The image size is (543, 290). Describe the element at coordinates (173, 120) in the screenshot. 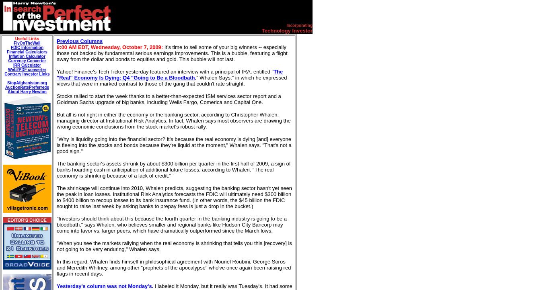

I see `'But all is not 
  right in either the economy or the banking sector, according to Christopher 
  Whalen, managing director at Institutional Risk Analytics. In fact, Whalen says 
  most observers are drawing the wrong economic conclusions from the stock market's 
  robust rally.'` at that location.